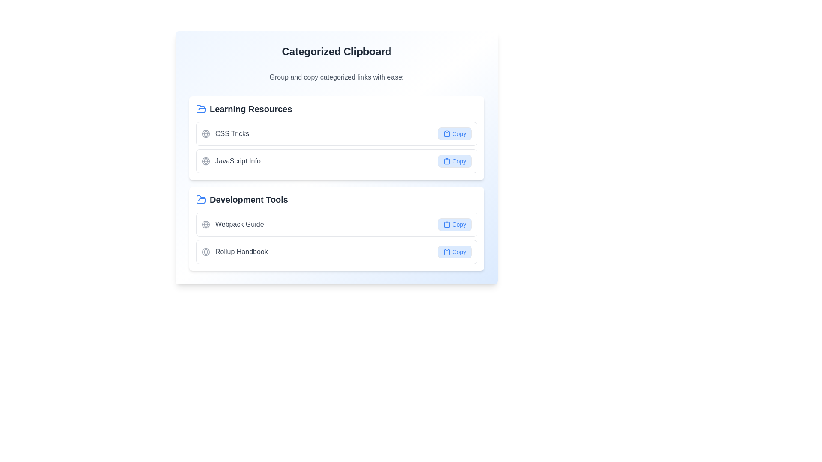 This screenshot has width=822, height=462. I want to click on the text label identifying the section titled 'Development Tools', which is located immediately to the right of a blue folder icon, so click(248, 199).